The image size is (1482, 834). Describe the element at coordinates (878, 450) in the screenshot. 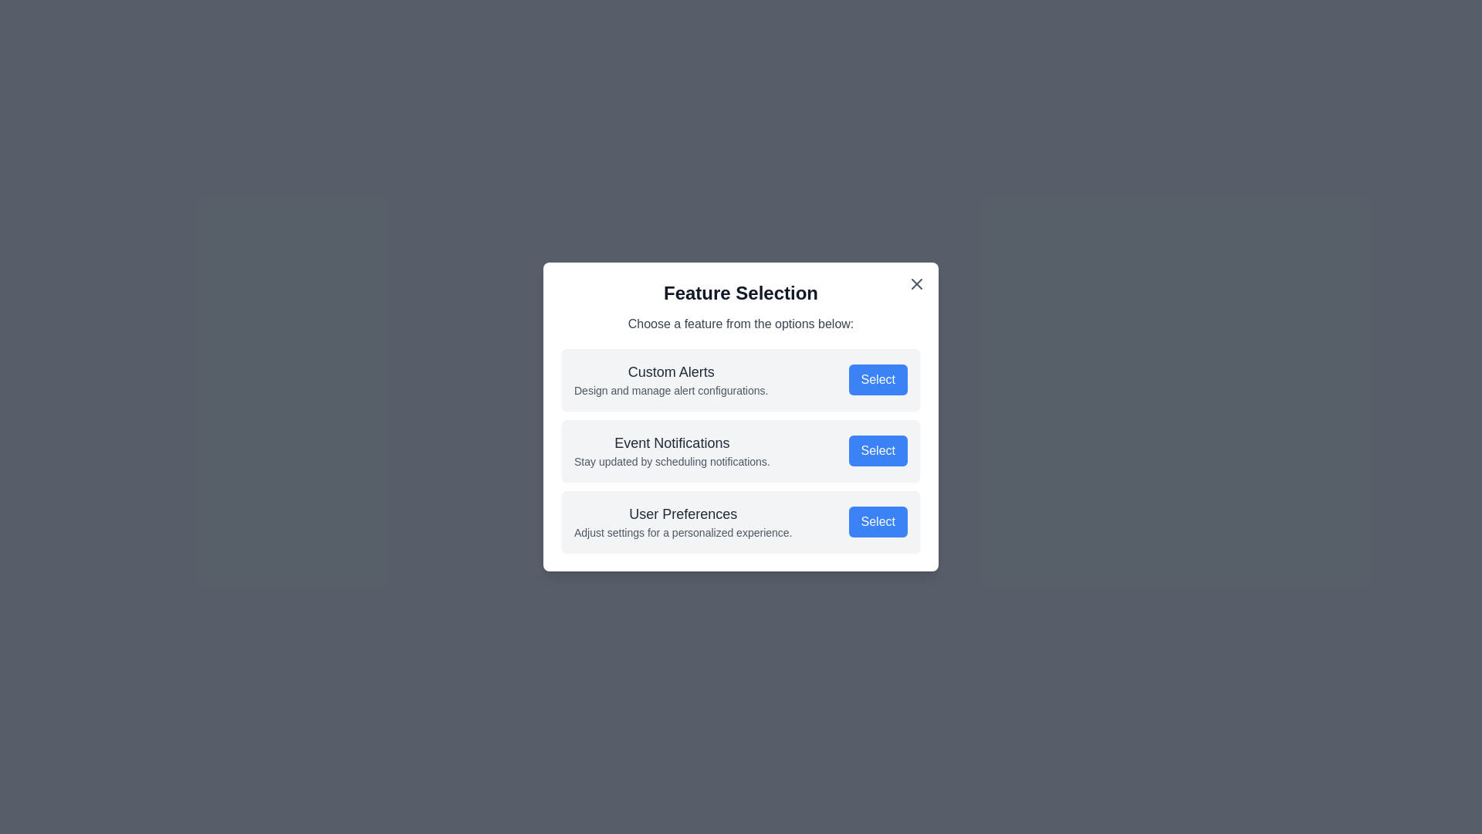

I see `the 'Select' button for Event Notifications` at that location.